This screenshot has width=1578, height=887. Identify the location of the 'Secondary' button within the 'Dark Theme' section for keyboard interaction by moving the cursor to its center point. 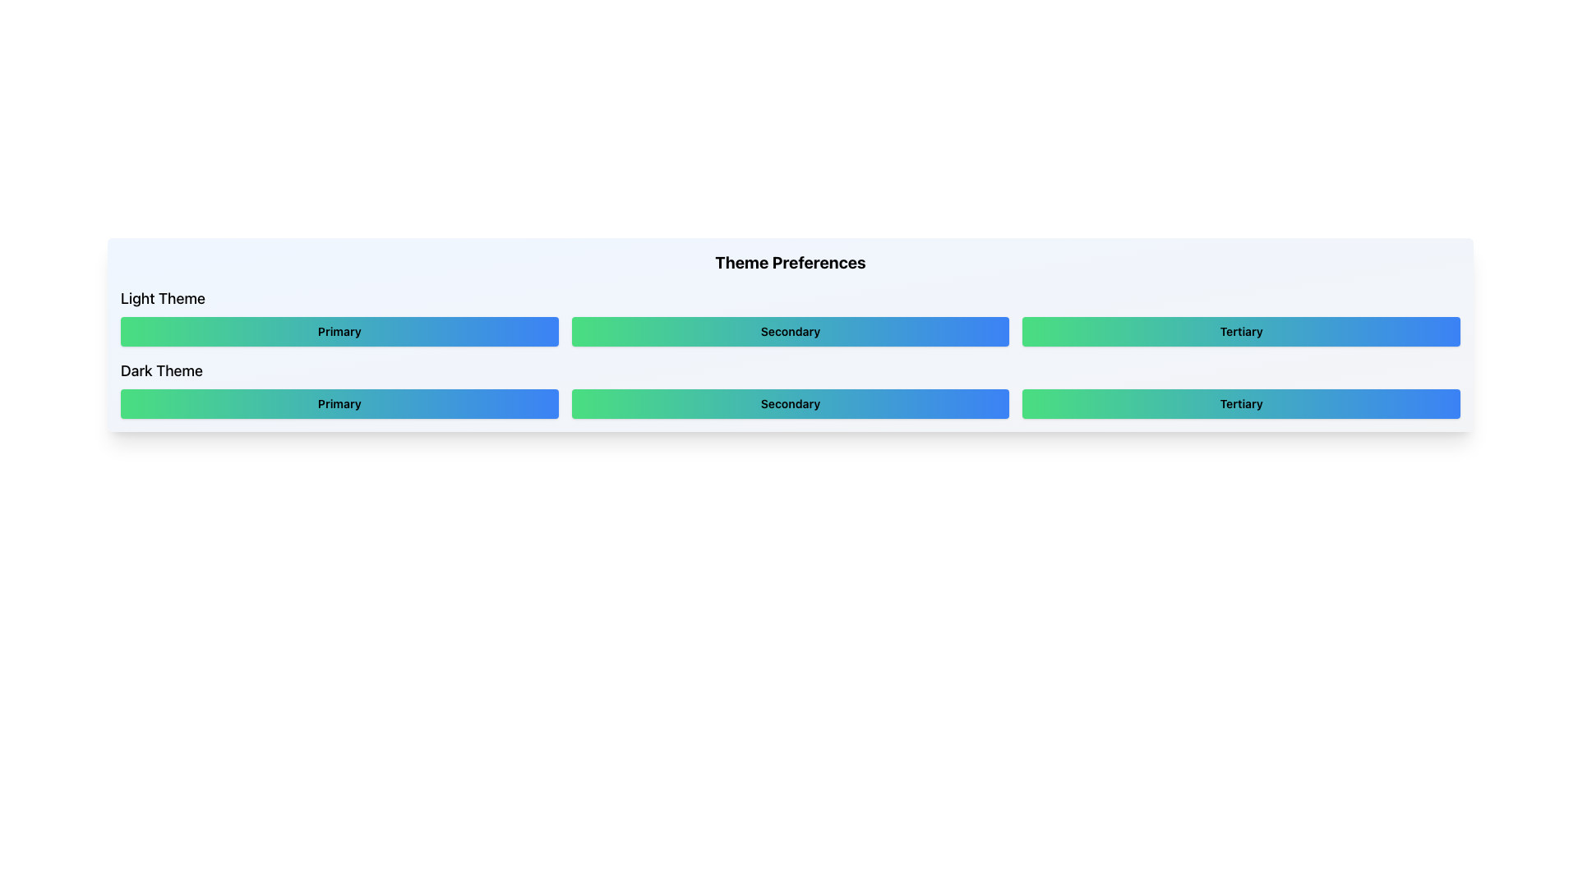
(790, 389).